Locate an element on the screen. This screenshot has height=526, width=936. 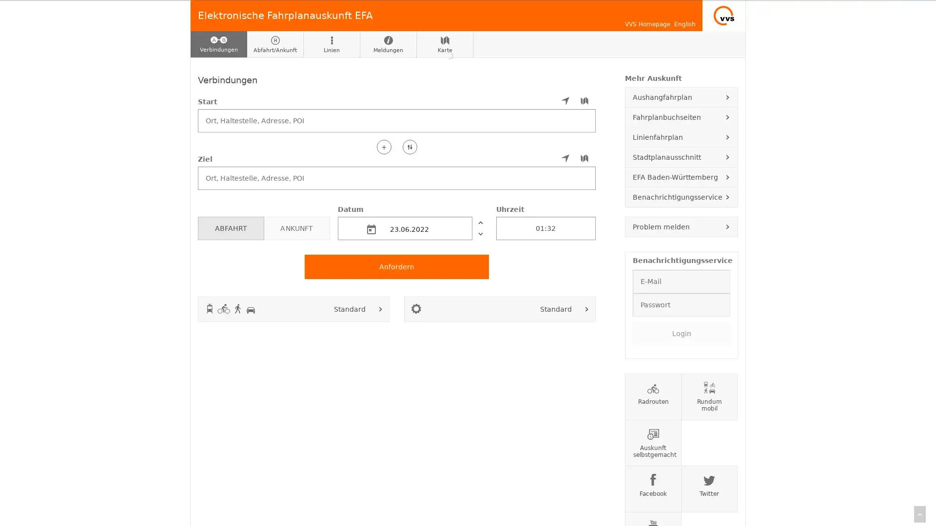
vorher is located at coordinates (480, 222).